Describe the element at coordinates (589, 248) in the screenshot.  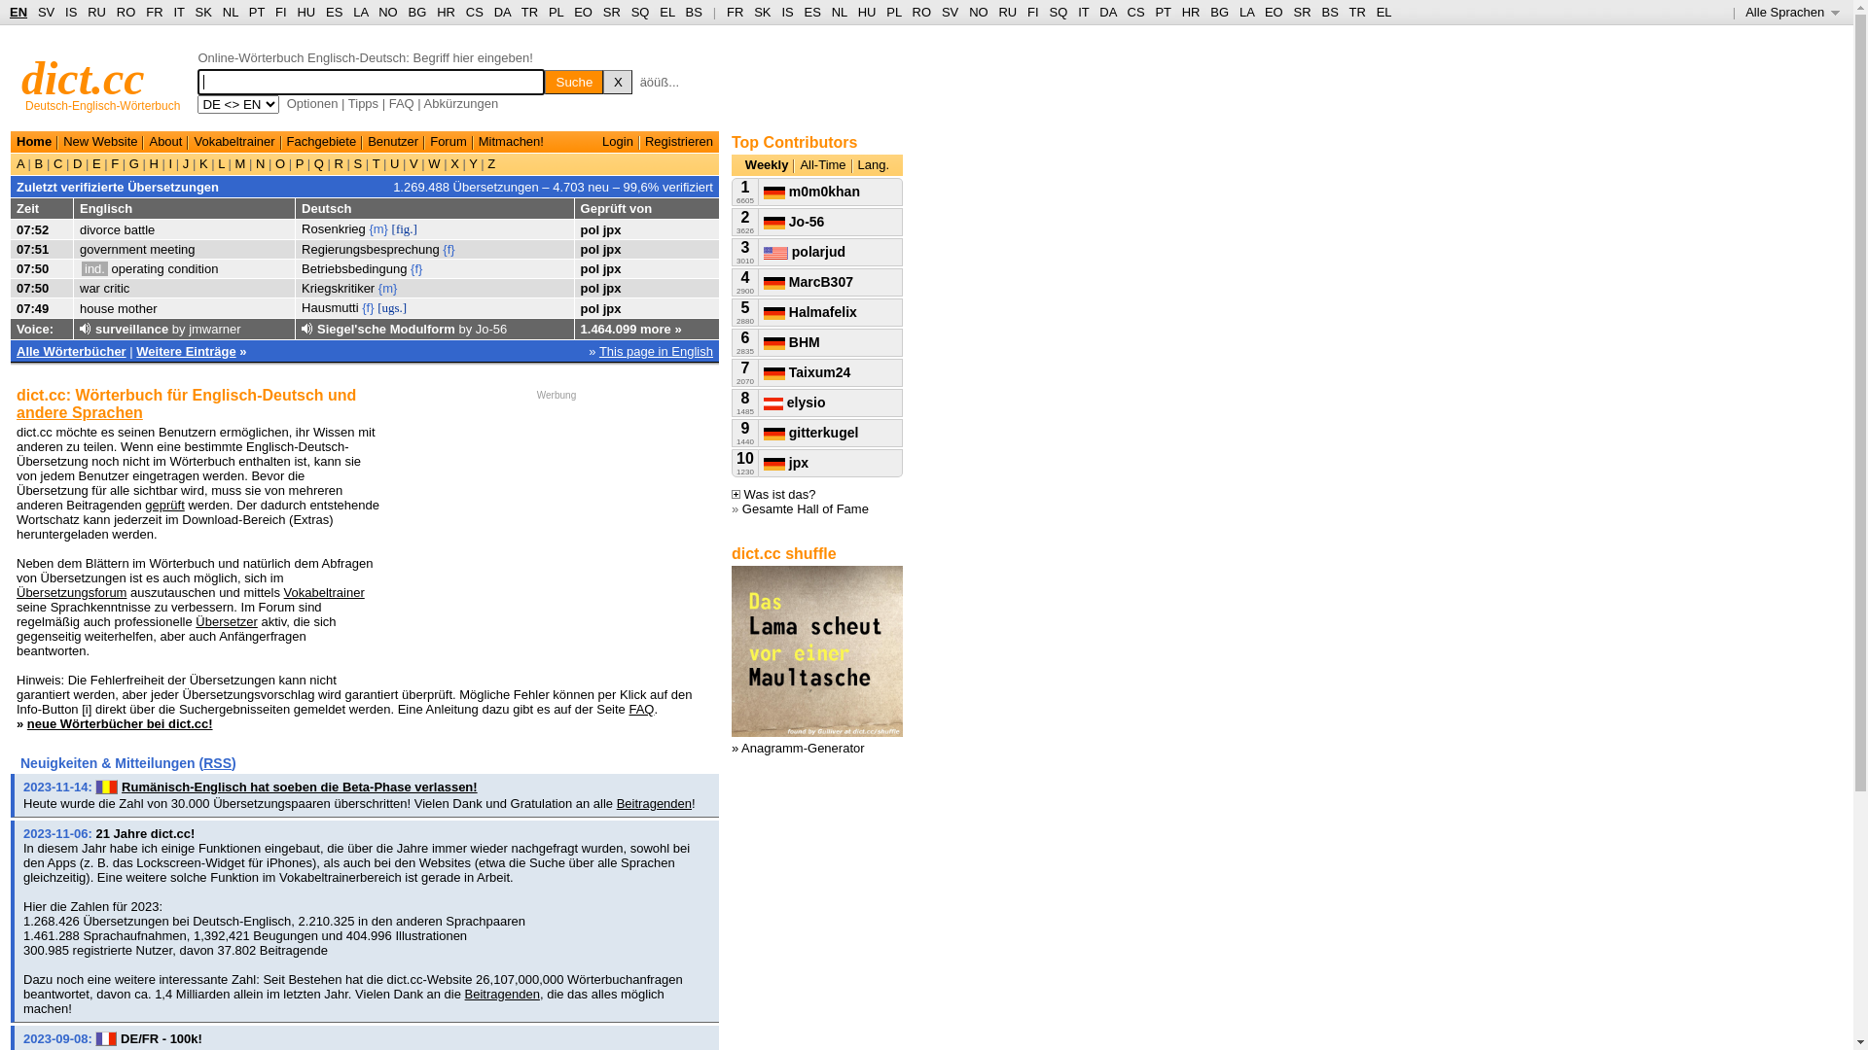
I see `'pol'` at that location.